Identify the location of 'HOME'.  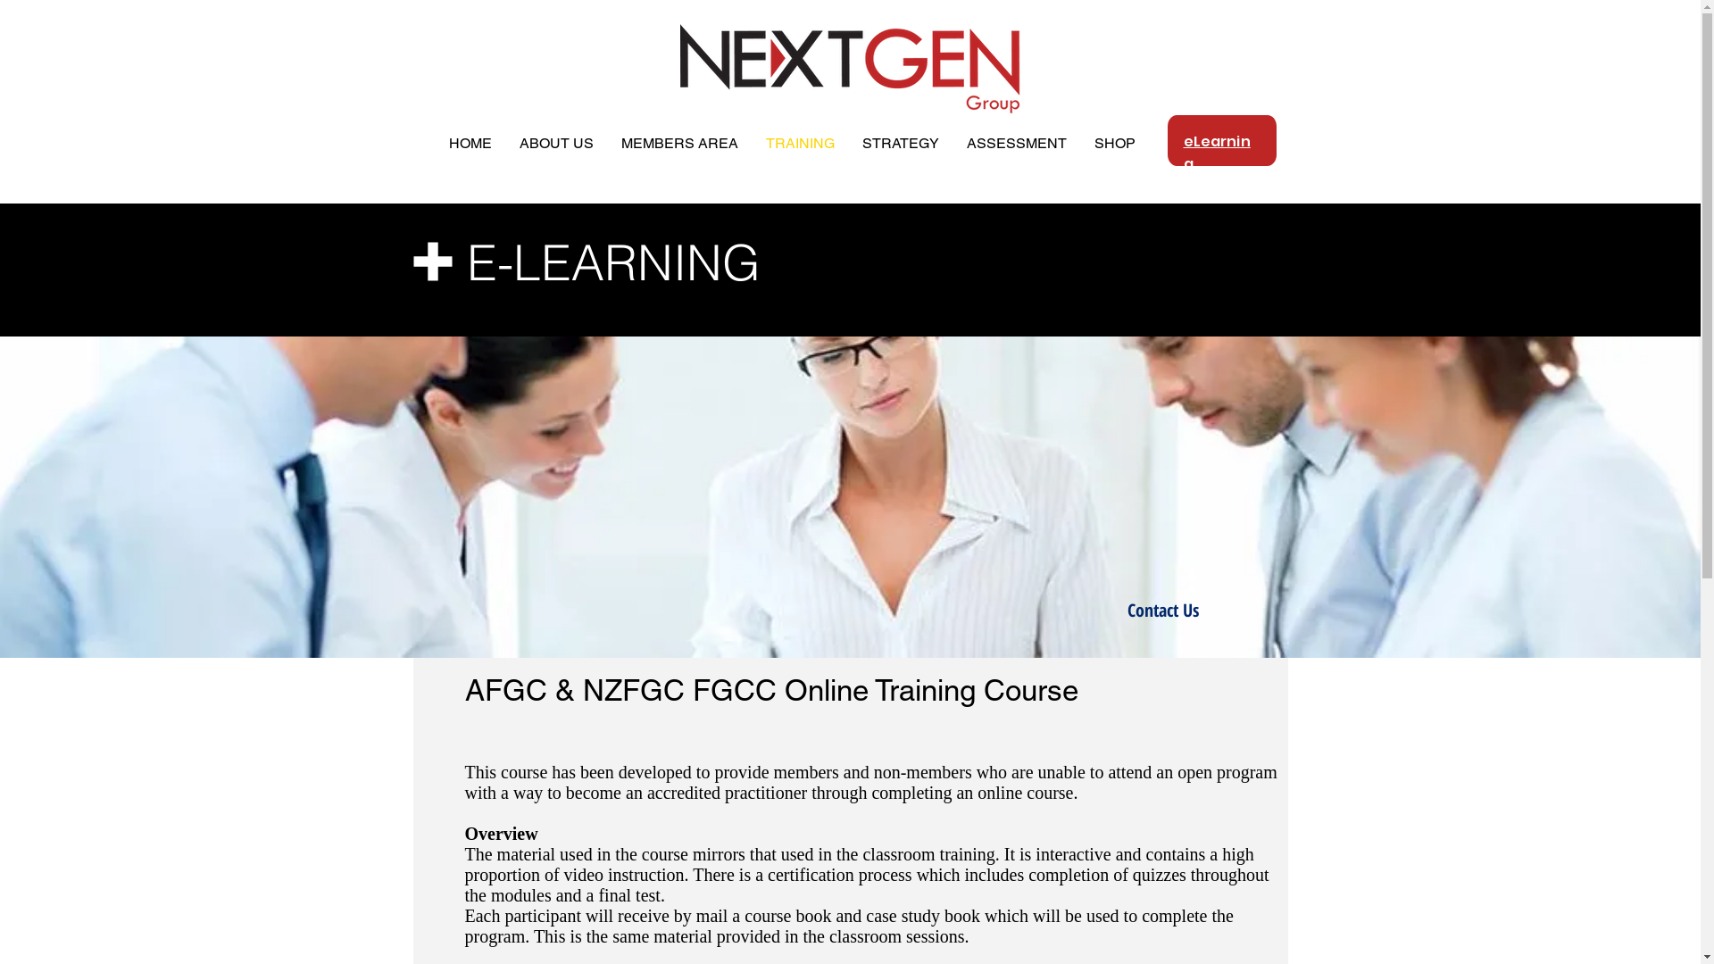
(470, 143).